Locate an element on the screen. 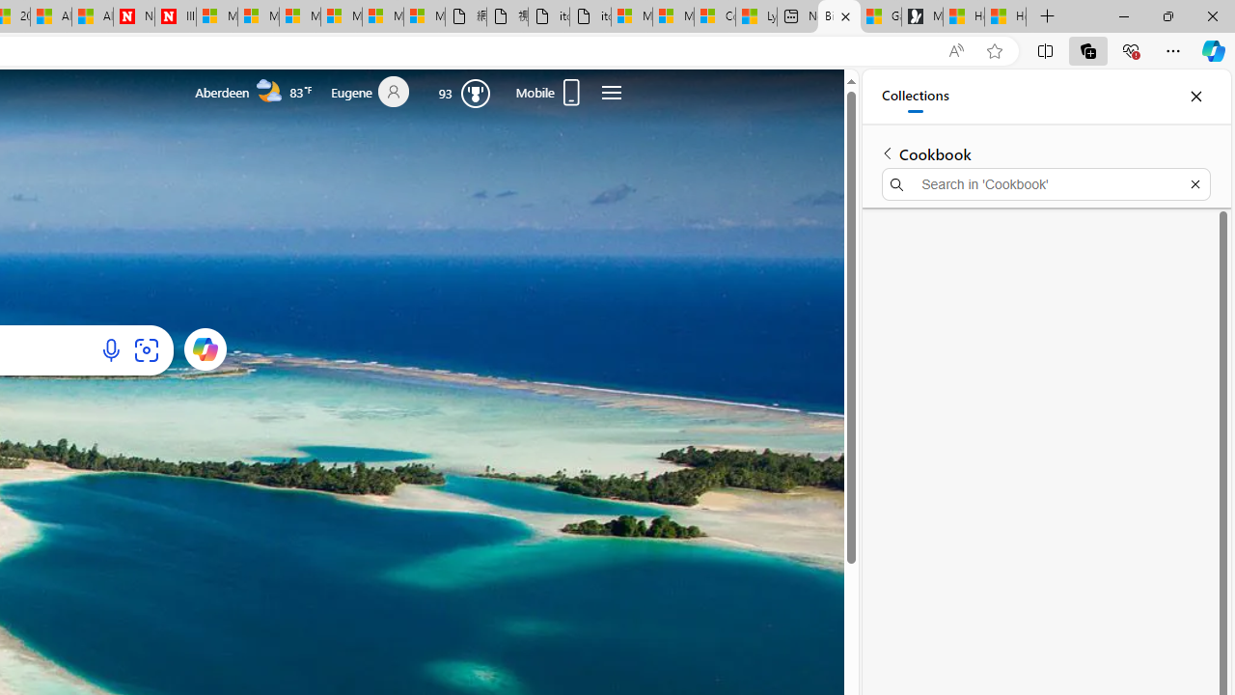 This screenshot has height=695, width=1235. 'Search in ' is located at coordinates (1045, 184).